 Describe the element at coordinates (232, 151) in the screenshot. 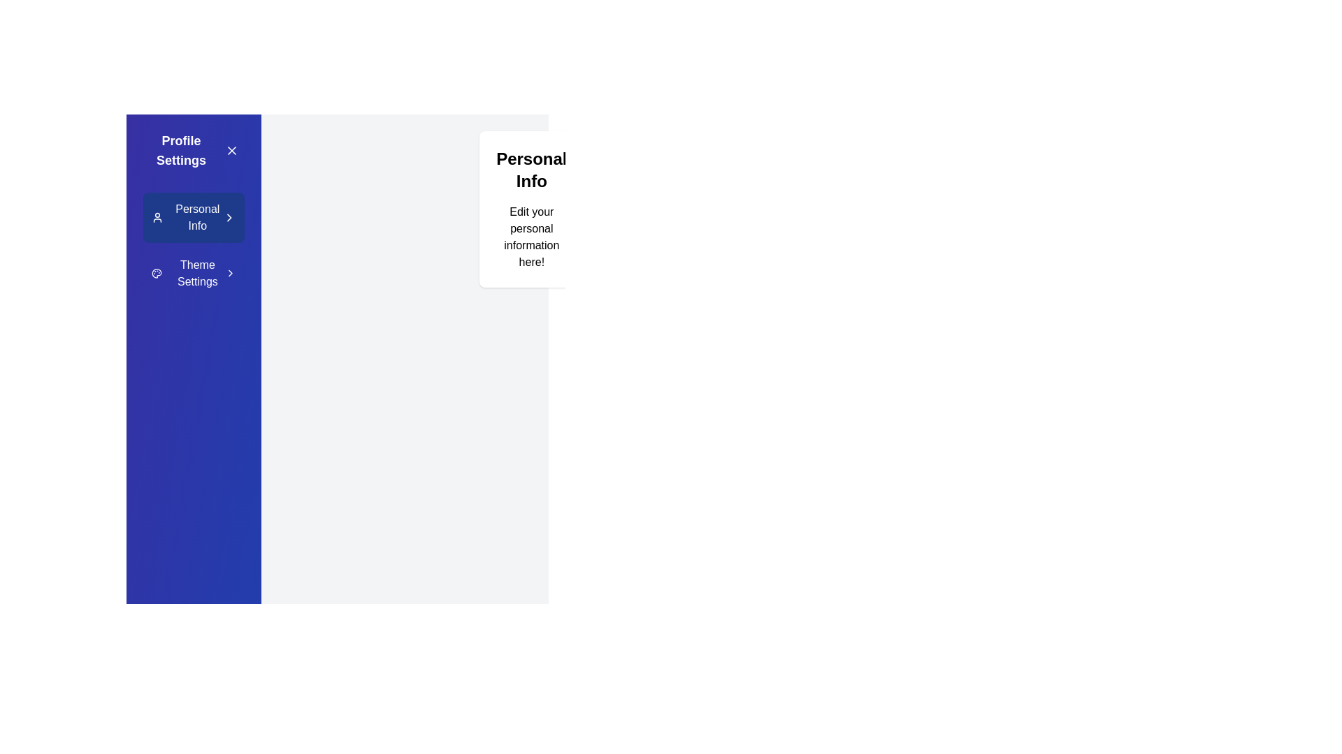

I see `the circular button with an 'X' icon inside it, located in the top-right corner of the sidebar under 'Profile Settings'` at that location.